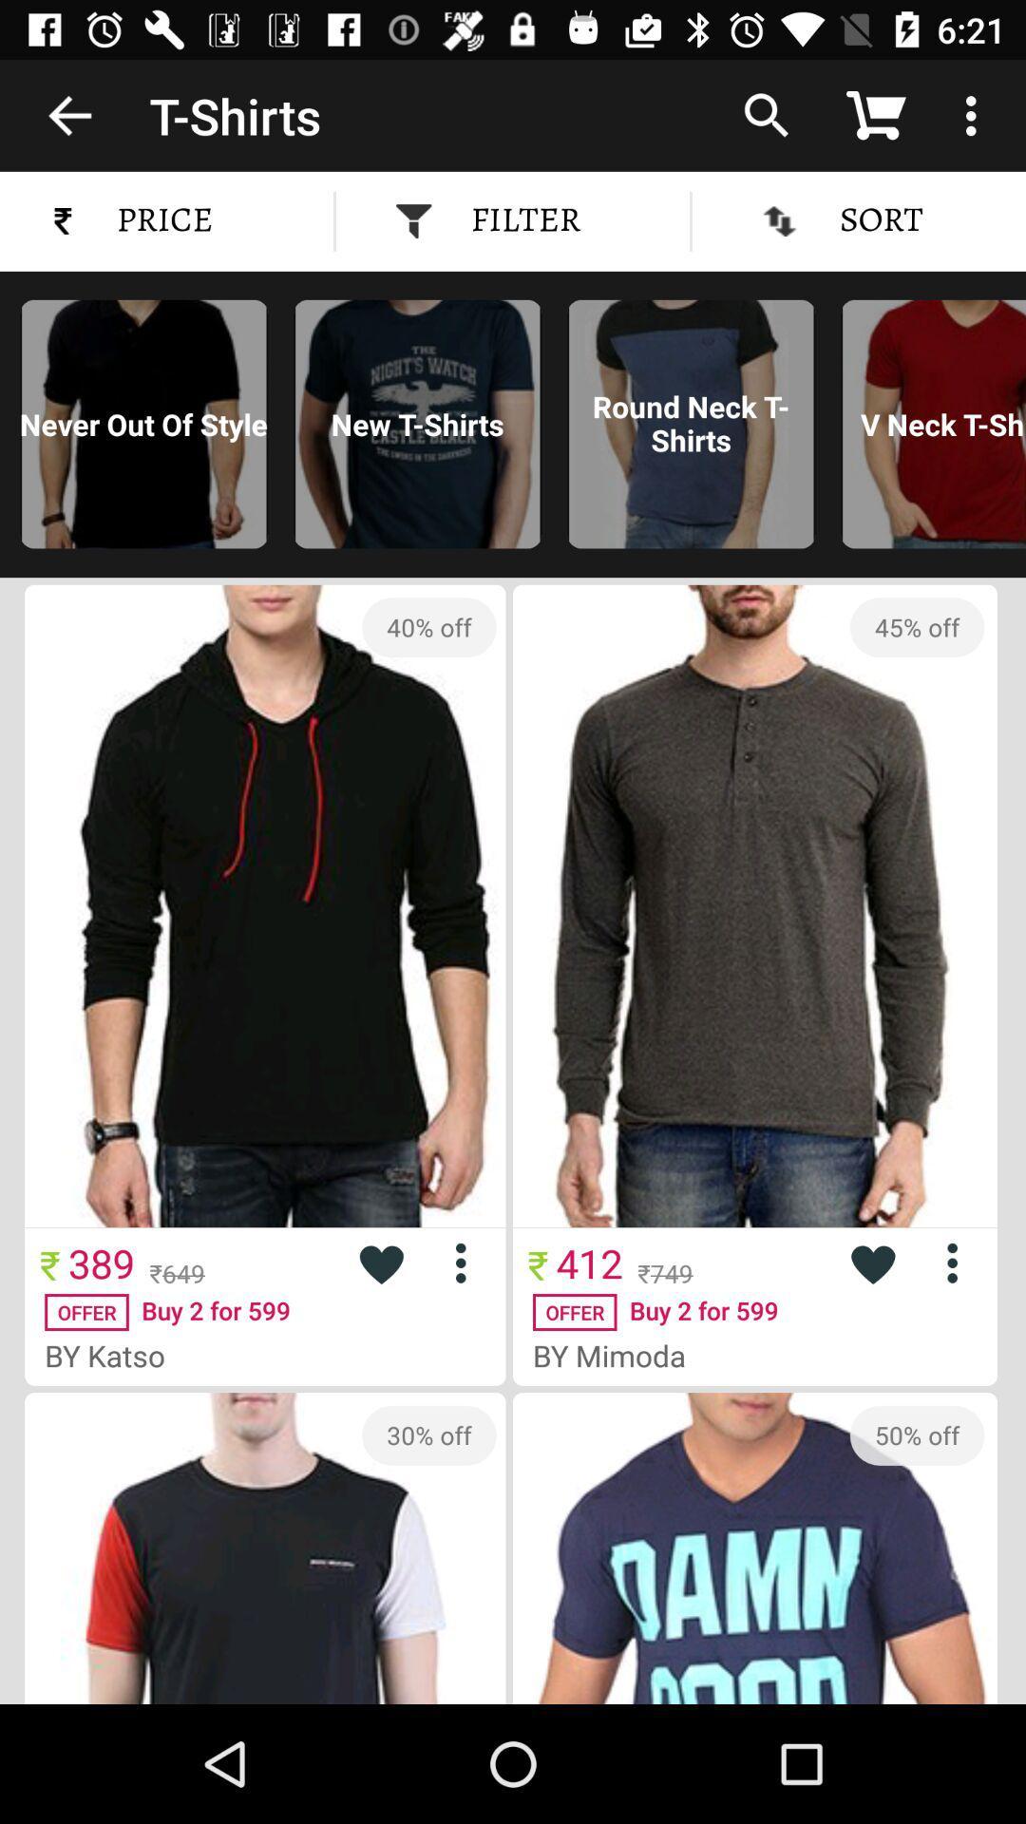 The image size is (1026, 1824). What do you see at coordinates (381, 1263) in the screenshot?
I see `like this` at bounding box center [381, 1263].